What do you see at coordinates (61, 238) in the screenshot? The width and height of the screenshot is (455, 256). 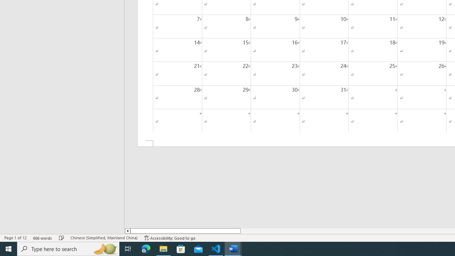 I see `'Spelling and Grammar Check Checking'` at bounding box center [61, 238].